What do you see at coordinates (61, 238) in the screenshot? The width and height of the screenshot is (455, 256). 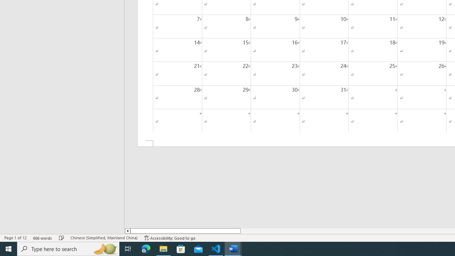 I see `'Spelling and Grammar Check Checking'` at bounding box center [61, 238].